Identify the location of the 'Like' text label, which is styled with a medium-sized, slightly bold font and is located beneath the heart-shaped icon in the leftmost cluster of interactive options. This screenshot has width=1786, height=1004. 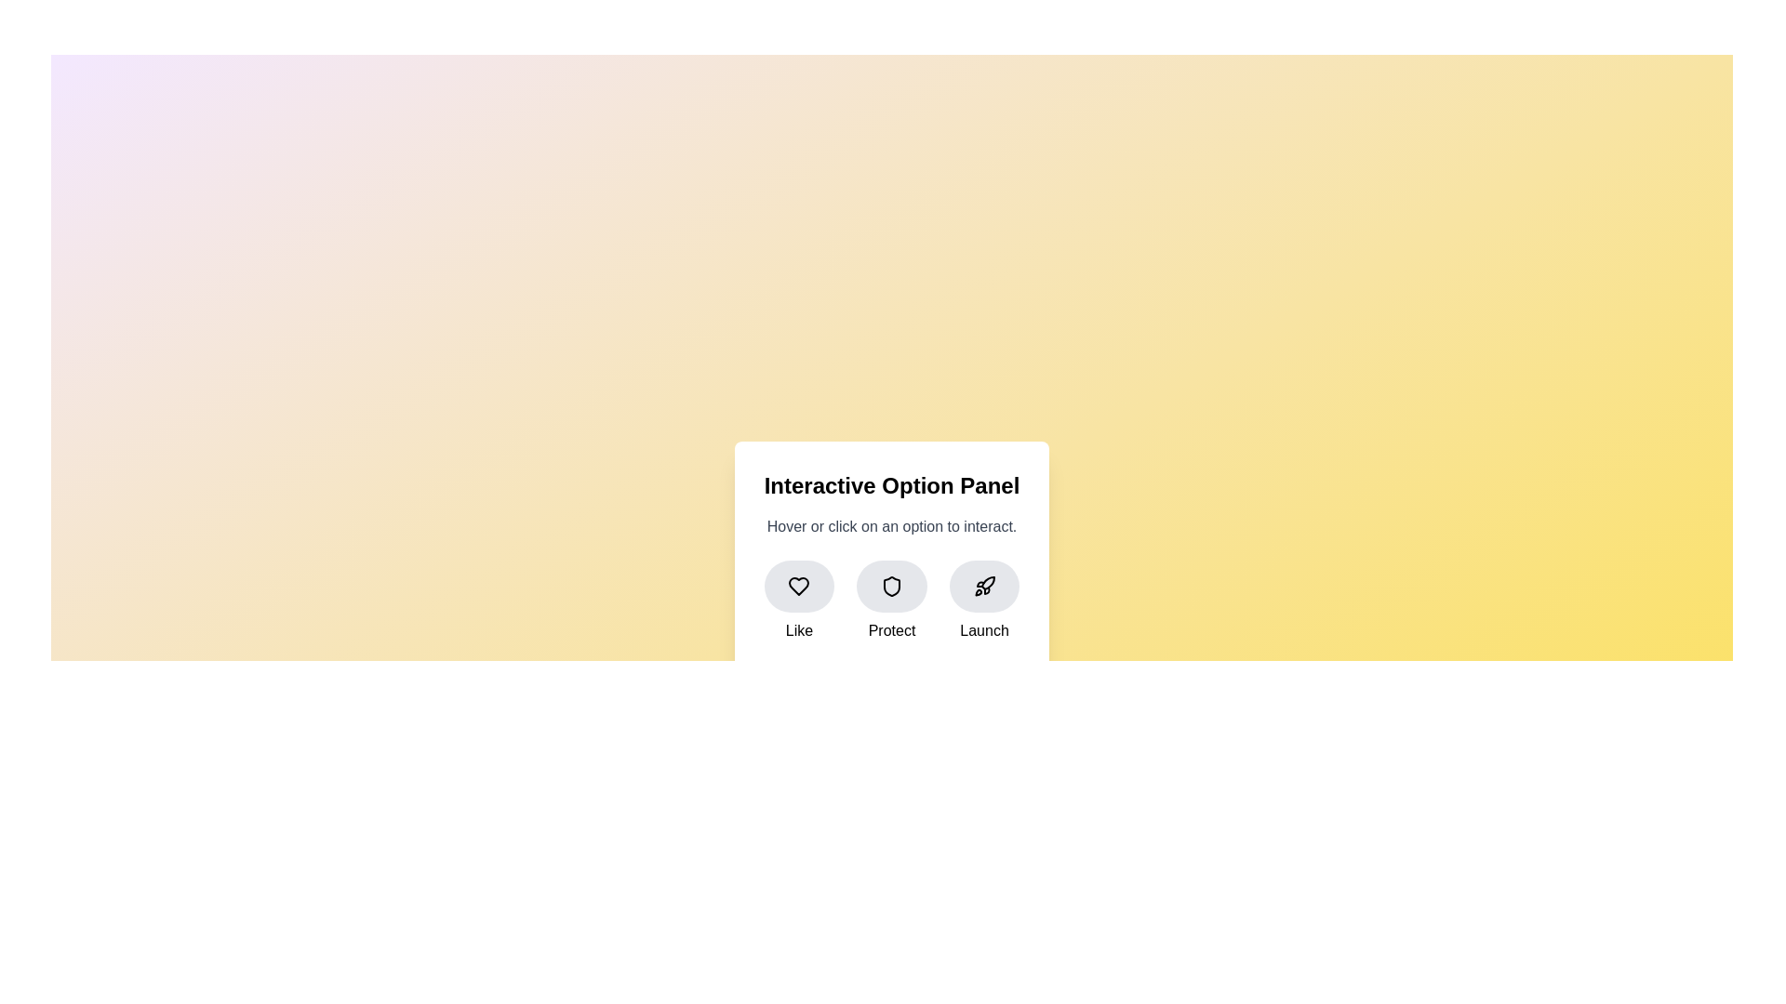
(799, 629).